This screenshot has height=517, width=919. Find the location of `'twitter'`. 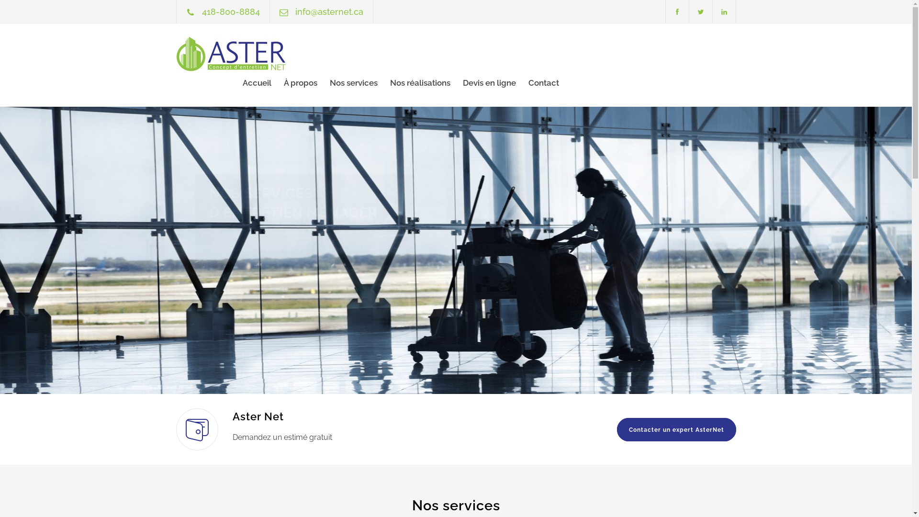

'twitter' is located at coordinates (701, 11).